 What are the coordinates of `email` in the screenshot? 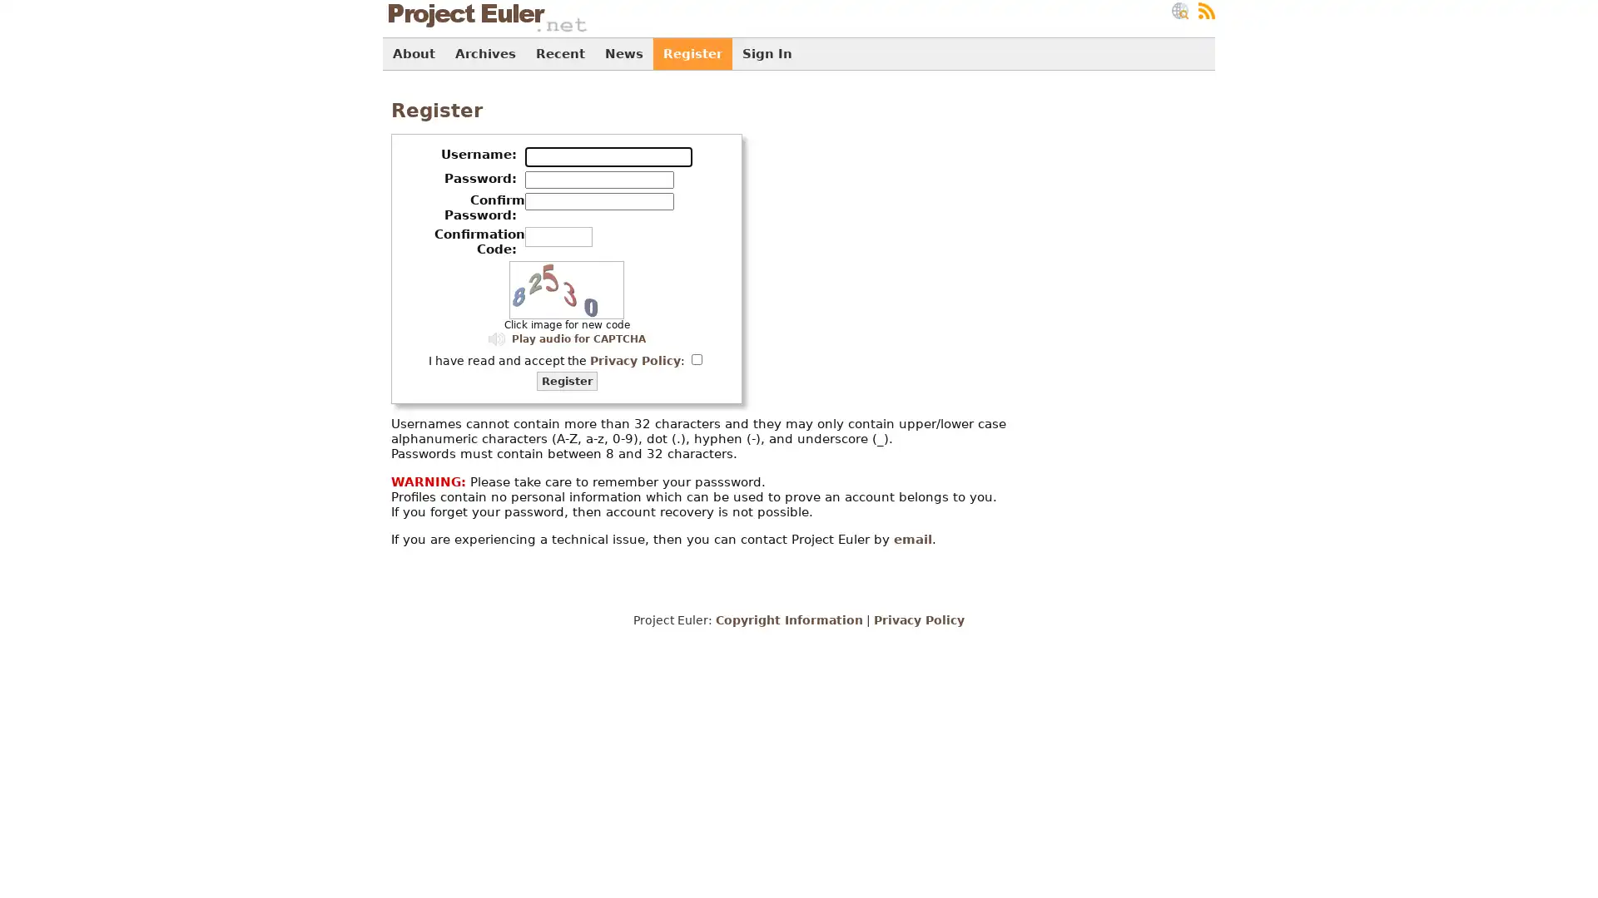 It's located at (912, 539).